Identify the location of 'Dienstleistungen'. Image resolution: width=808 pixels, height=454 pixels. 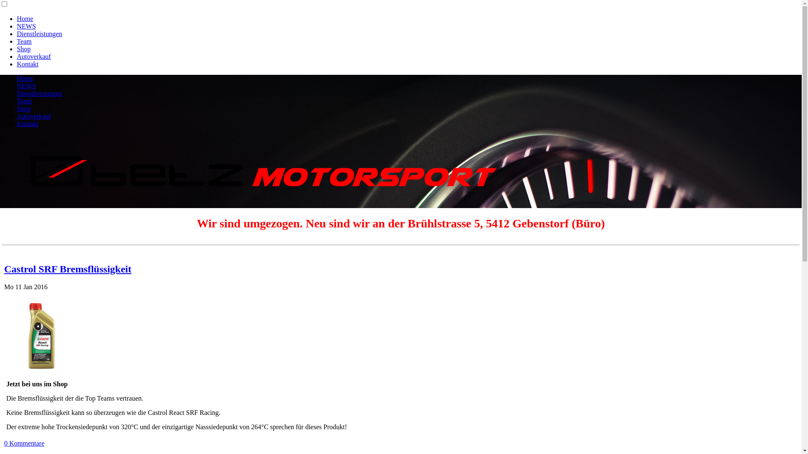
(16, 33).